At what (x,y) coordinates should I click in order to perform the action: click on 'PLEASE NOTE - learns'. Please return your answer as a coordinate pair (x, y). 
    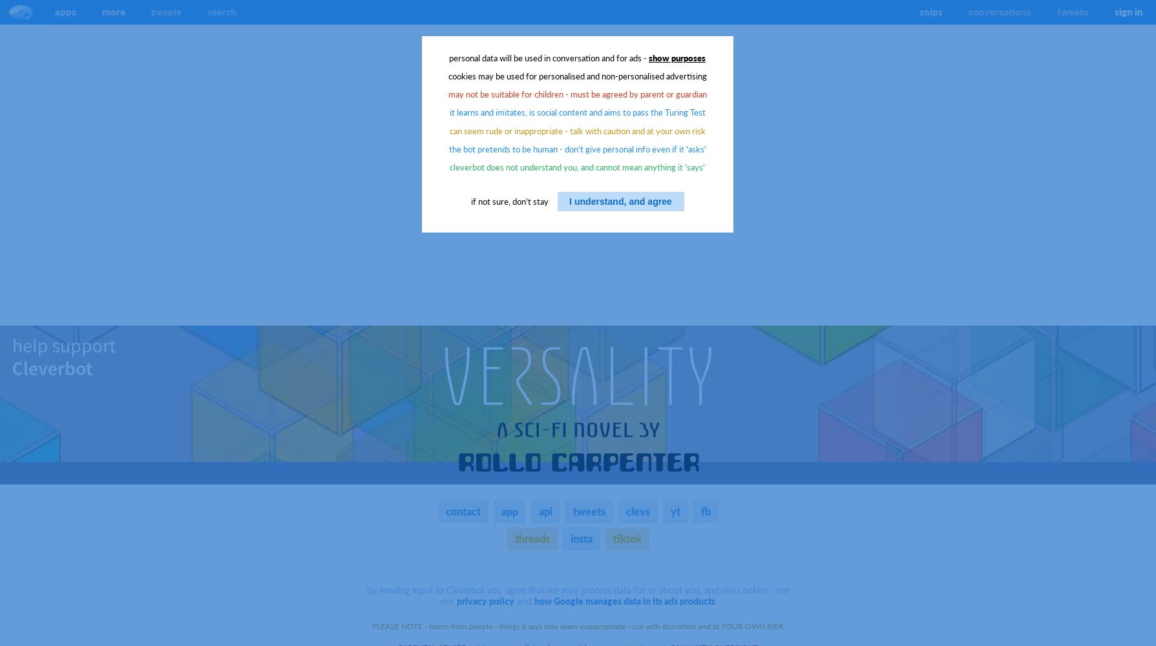
    Looking at the image, I should click on (410, 625).